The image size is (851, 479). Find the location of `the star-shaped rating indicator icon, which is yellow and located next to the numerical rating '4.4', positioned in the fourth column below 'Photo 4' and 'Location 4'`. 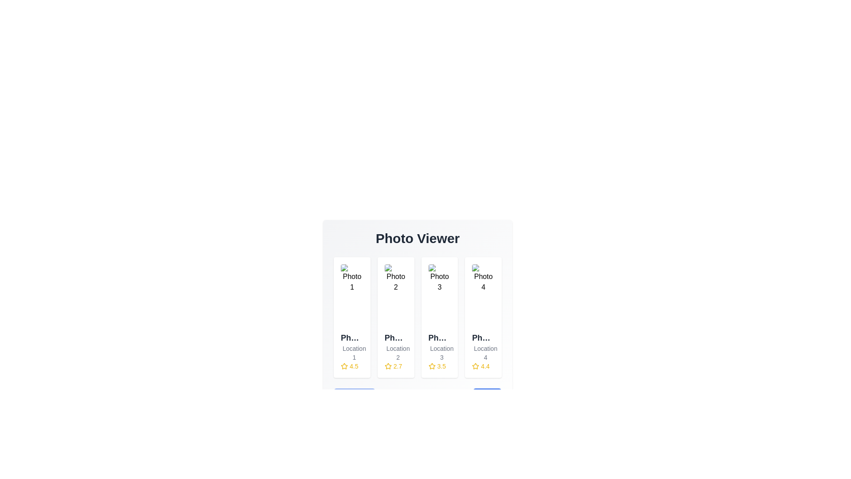

the star-shaped rating indicator icon, which is yellow and located next to the numerical rating '4.4', positioned in the fourth column below 'Photo 4' and 'Location 4' is located at coordinates (475, 366).